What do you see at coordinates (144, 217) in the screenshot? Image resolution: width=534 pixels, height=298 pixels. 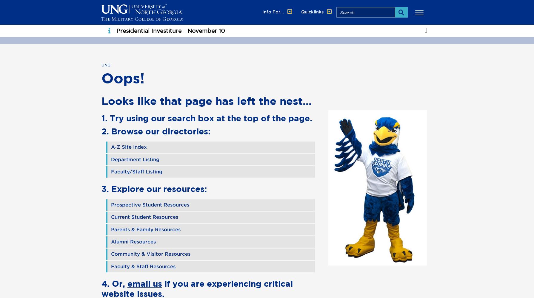 I see `'Current Student Resources'` at bounding box center [144, 217].